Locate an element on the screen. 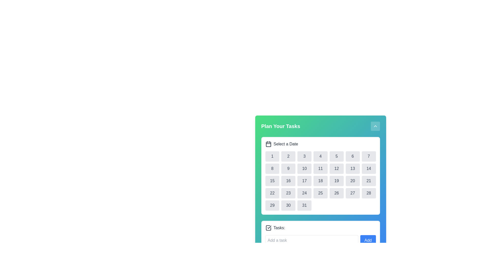  the button representing the date '12' in the second row and fifth column of the calendar grid is located at coordinates (337, 168).